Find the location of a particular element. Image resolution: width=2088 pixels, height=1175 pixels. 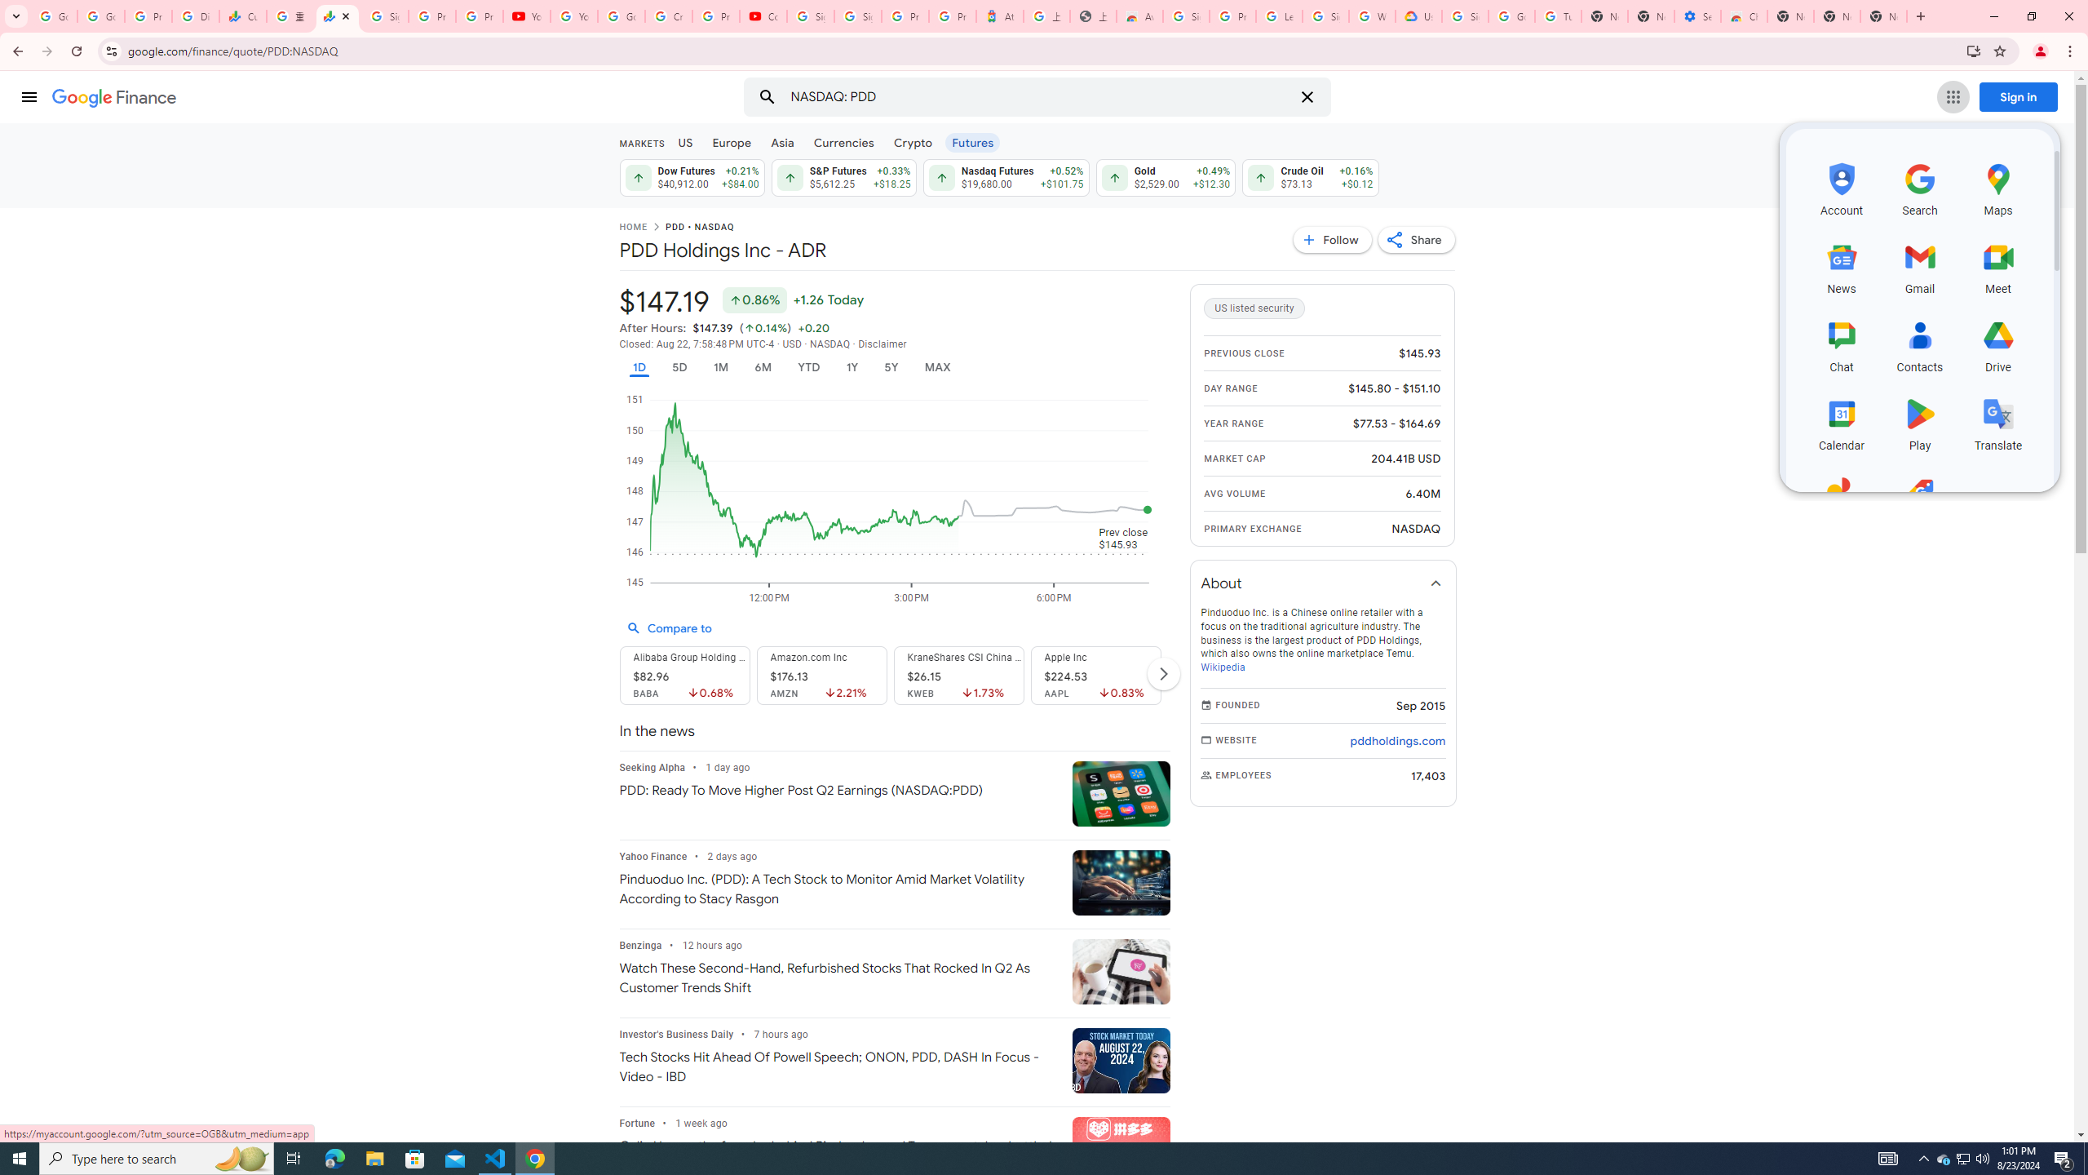

'Follow' is located at coordinates (1333, 238).